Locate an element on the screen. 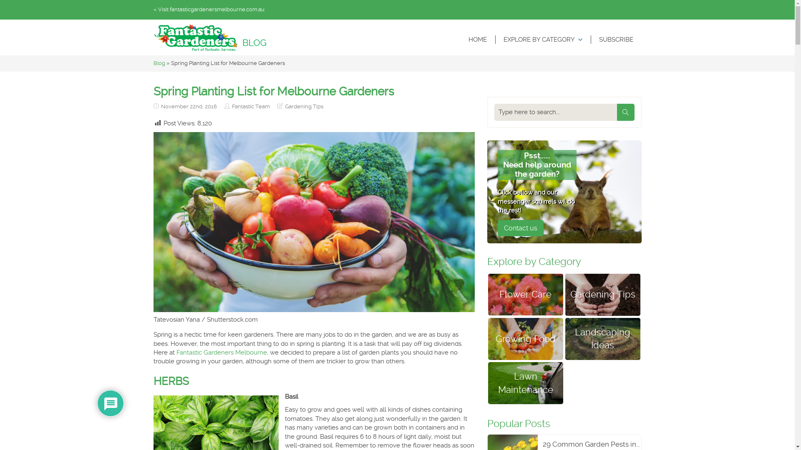 The width and height of the screenshot is (801, 450). 'Fantastic Gardeners Melbourne' is located at coordinates (221, 352).